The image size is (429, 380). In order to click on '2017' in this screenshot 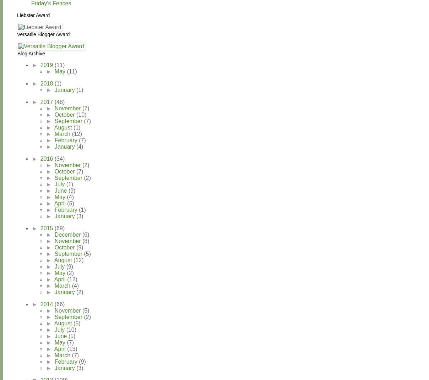, I will do `click(47, 101)`.